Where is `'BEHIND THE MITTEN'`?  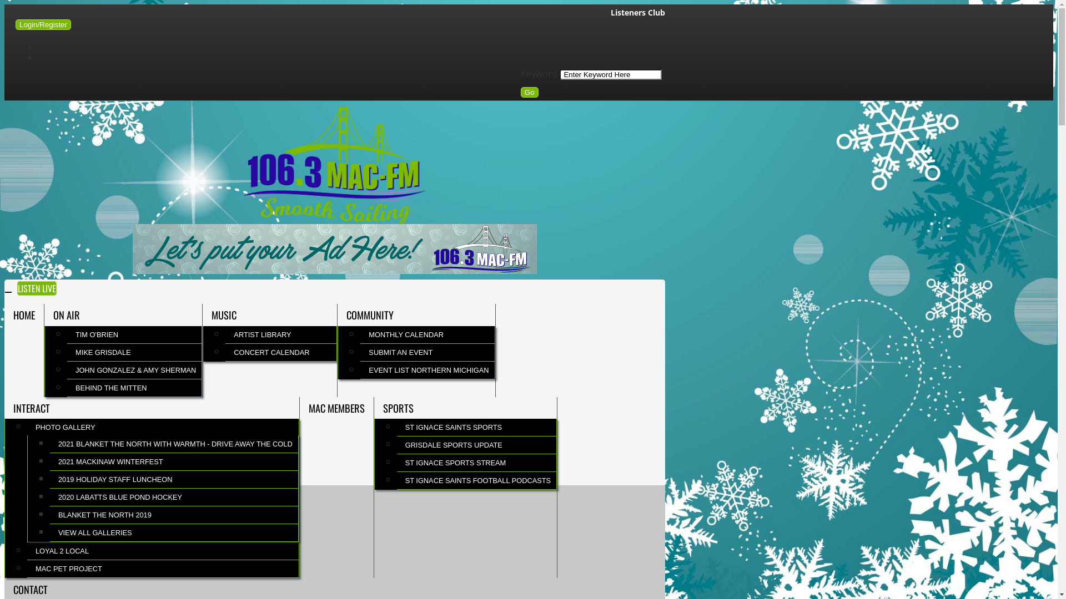
'BEHIND THE MITTEN' is located at coordinates (133, 387).